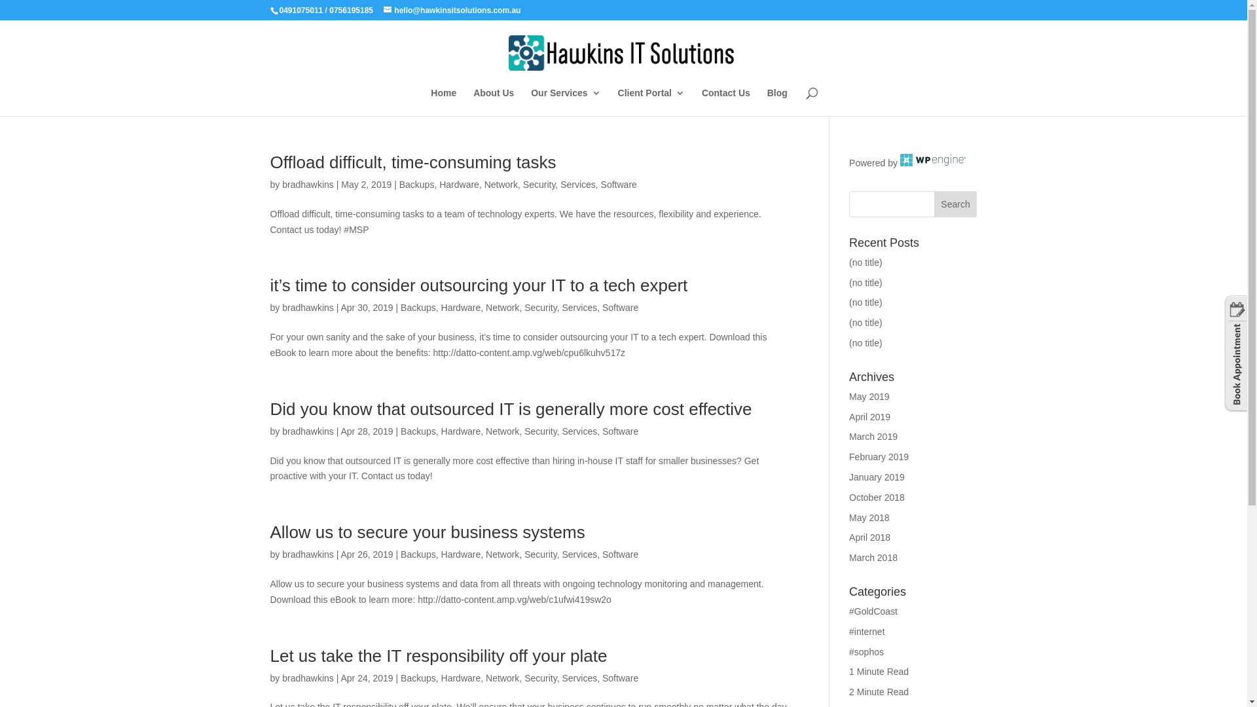 This screenshot has height=707, width=1257. Describe the element at coordinates (452, 10) in the screenshot. I see `'hello@hawkinsitsolutions.com.au'` at that location.